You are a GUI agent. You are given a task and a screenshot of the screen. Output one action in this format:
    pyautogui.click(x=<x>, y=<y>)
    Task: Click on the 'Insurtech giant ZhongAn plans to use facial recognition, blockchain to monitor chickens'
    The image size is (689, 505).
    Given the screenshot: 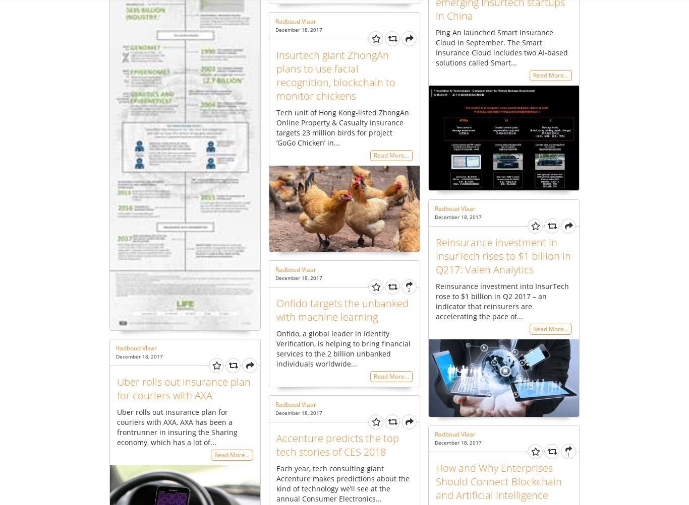 What is the action you would take?
    pyautogui.click(x=335, y=75)
    